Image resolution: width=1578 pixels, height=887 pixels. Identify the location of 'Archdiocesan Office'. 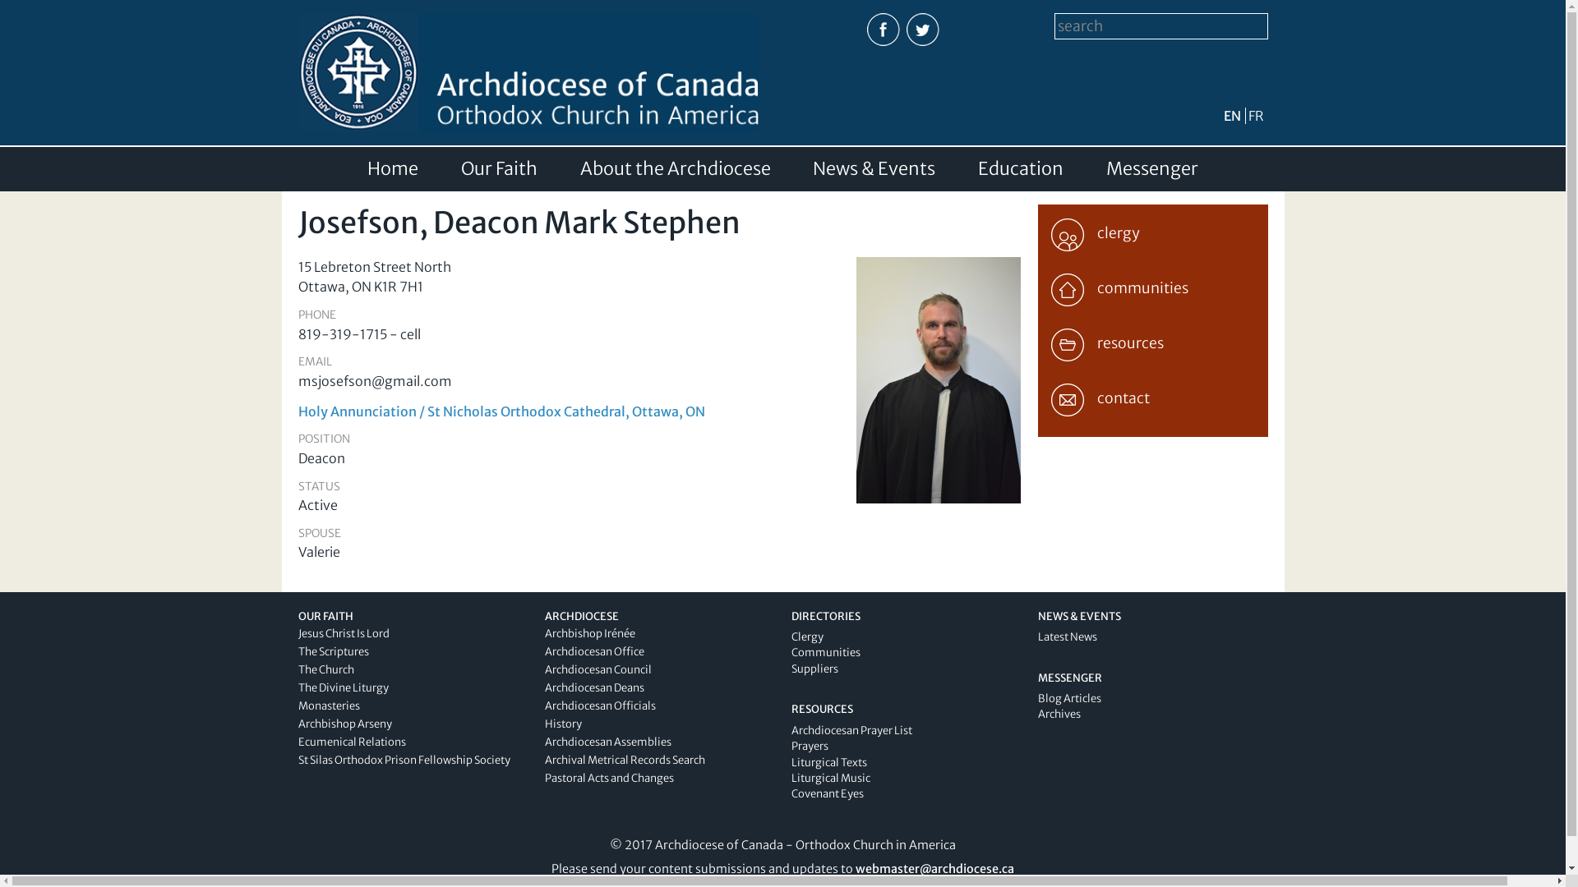
(593, 650).